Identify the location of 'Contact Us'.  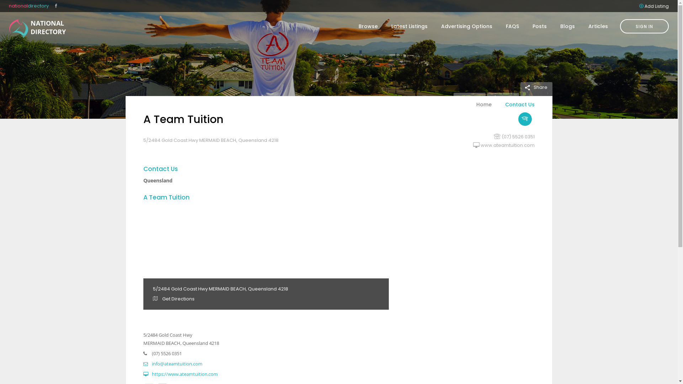
(516, 108).